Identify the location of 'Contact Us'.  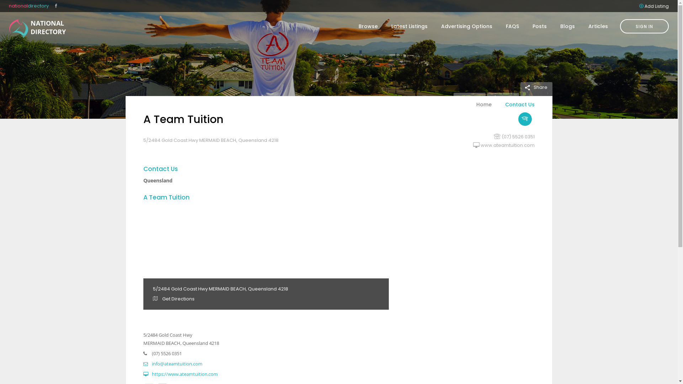
(516, 108).